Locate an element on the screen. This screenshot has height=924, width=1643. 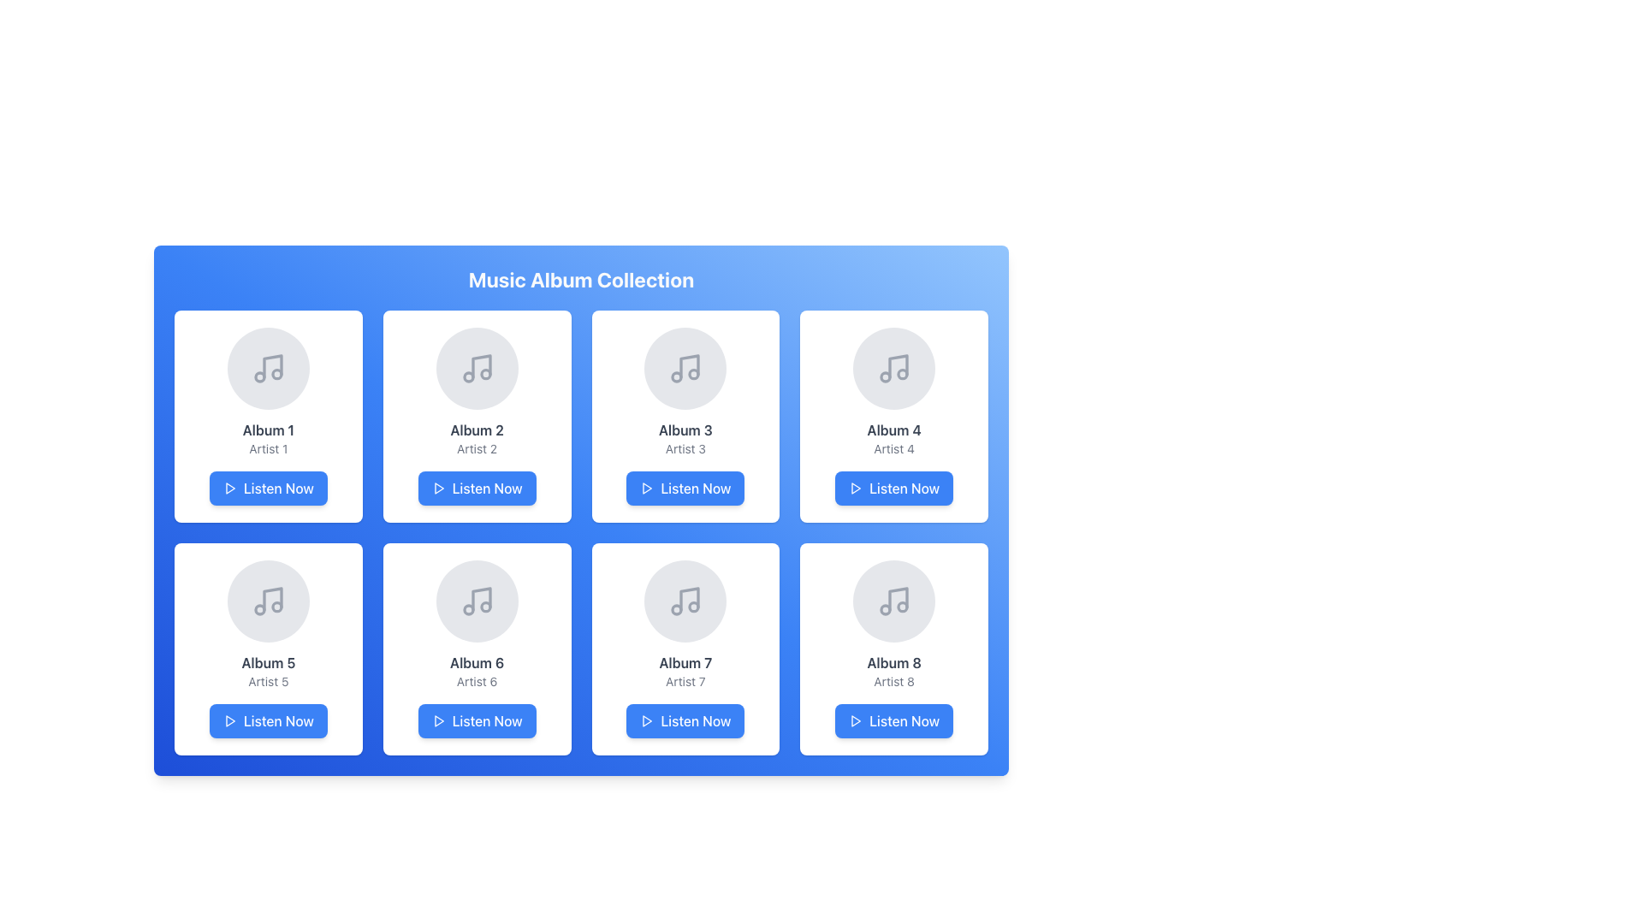
the triangular play icon within the 'Listen Now' button associated with 'Album 4' is located at coordinates (855, 488).